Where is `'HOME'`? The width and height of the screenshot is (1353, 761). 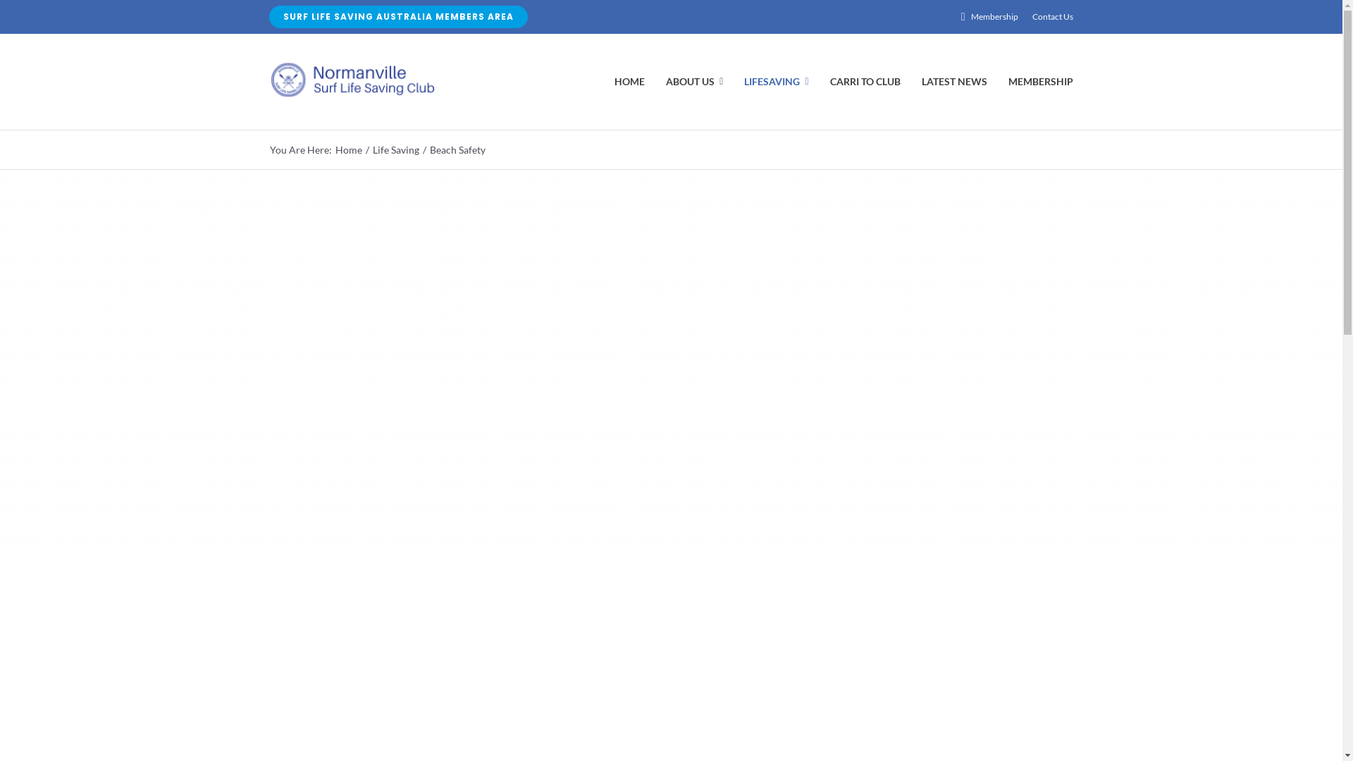
'HOME' is located at coordinates (629, 81).